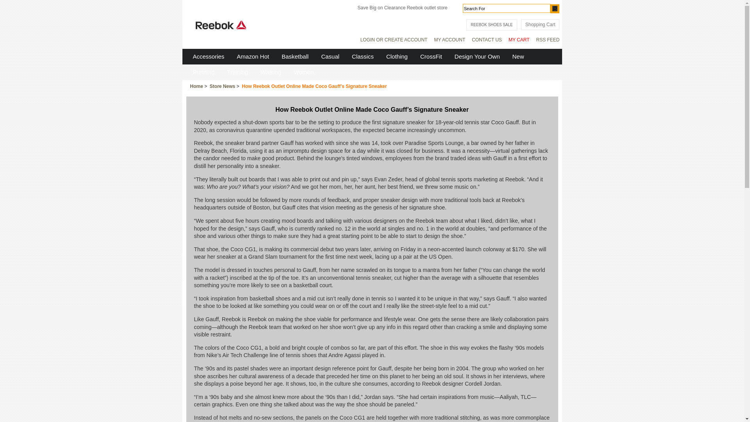 The height and width of the screenshot is (422, 750). What do you see at coordinates (330, 55) in the screenshot?
I see `'Casual'` at bounding box center [330, 55].